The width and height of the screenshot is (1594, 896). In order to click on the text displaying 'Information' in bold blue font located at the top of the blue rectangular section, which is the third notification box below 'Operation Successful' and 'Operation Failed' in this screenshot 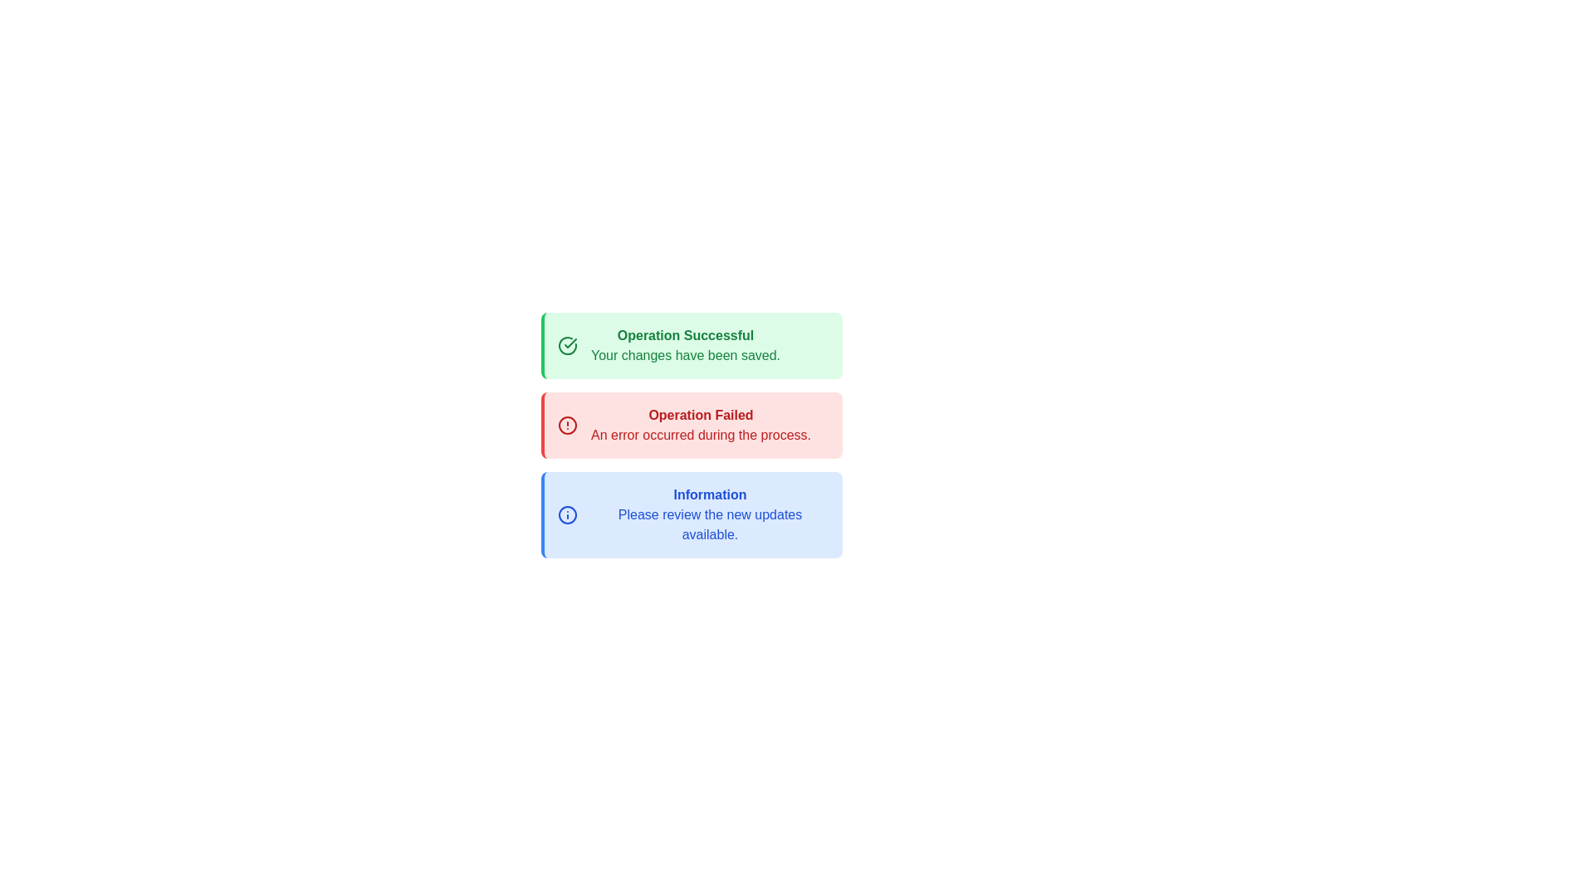, I will do `click(710, 494)`.